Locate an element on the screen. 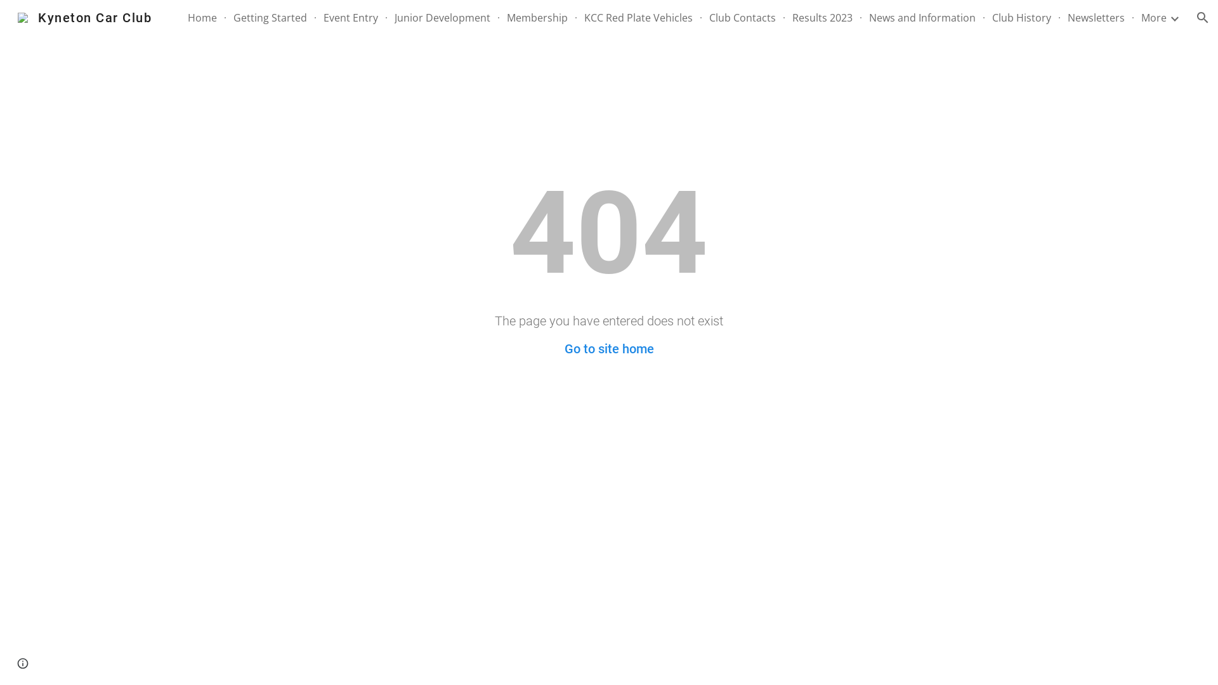 This screenshot has height=685, width=1218. 'Expand/Collapse' is located at coordinates (1174, 17).